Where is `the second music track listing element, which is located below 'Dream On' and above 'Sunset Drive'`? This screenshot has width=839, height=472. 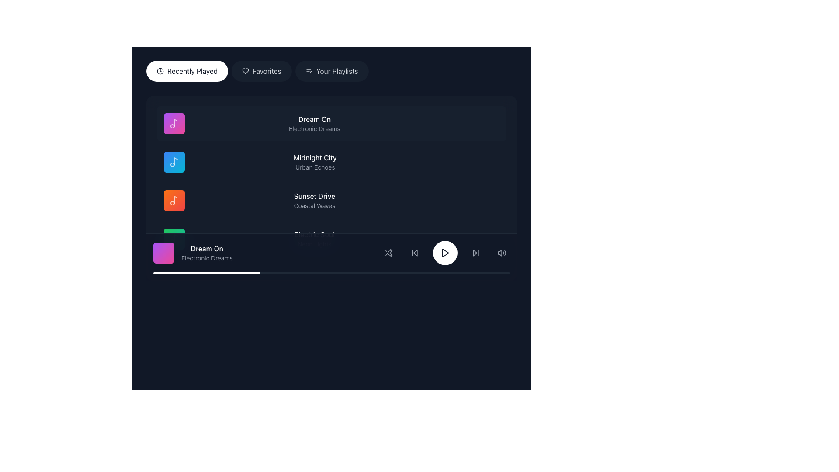
the second music track listing element, which is located below 'Dream On' and above 'Sunset Drive' is located at coordinates (331, 162).